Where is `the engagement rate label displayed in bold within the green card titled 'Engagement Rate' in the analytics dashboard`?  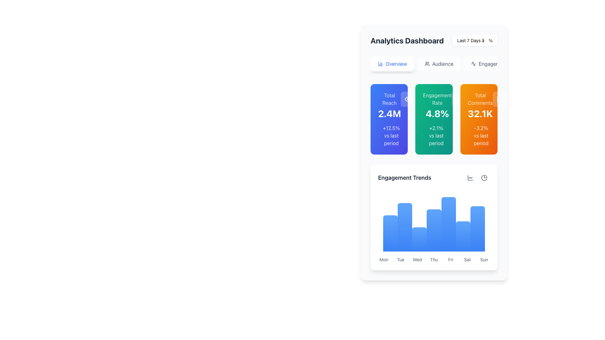
the engagement rate label displayed in bold within the green card titled 'Engagement Rate' in the analytics dashboard is located at coordinates (437, 114).